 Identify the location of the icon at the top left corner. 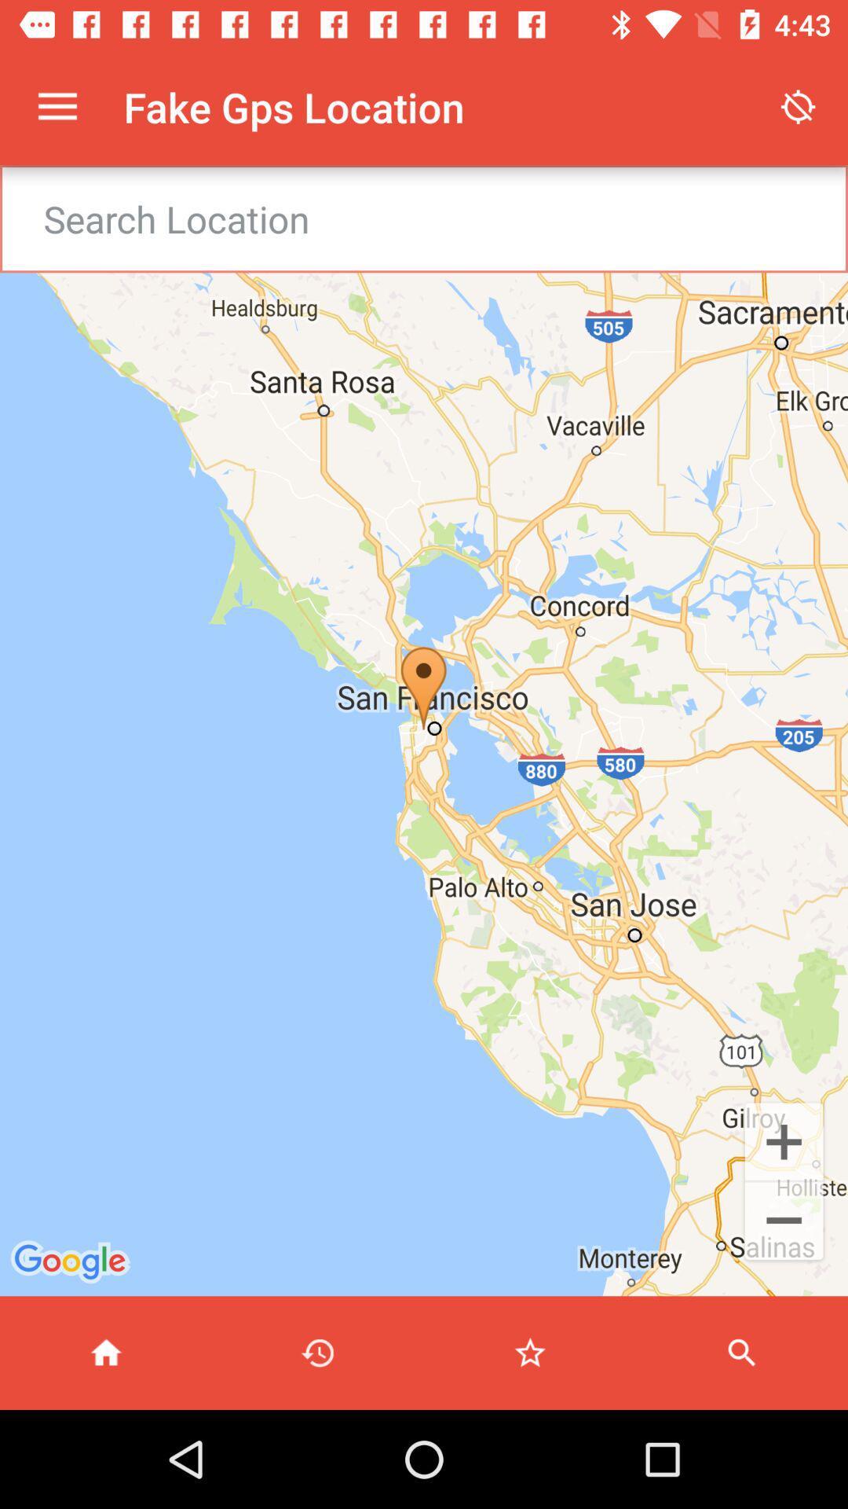
(57, 106).